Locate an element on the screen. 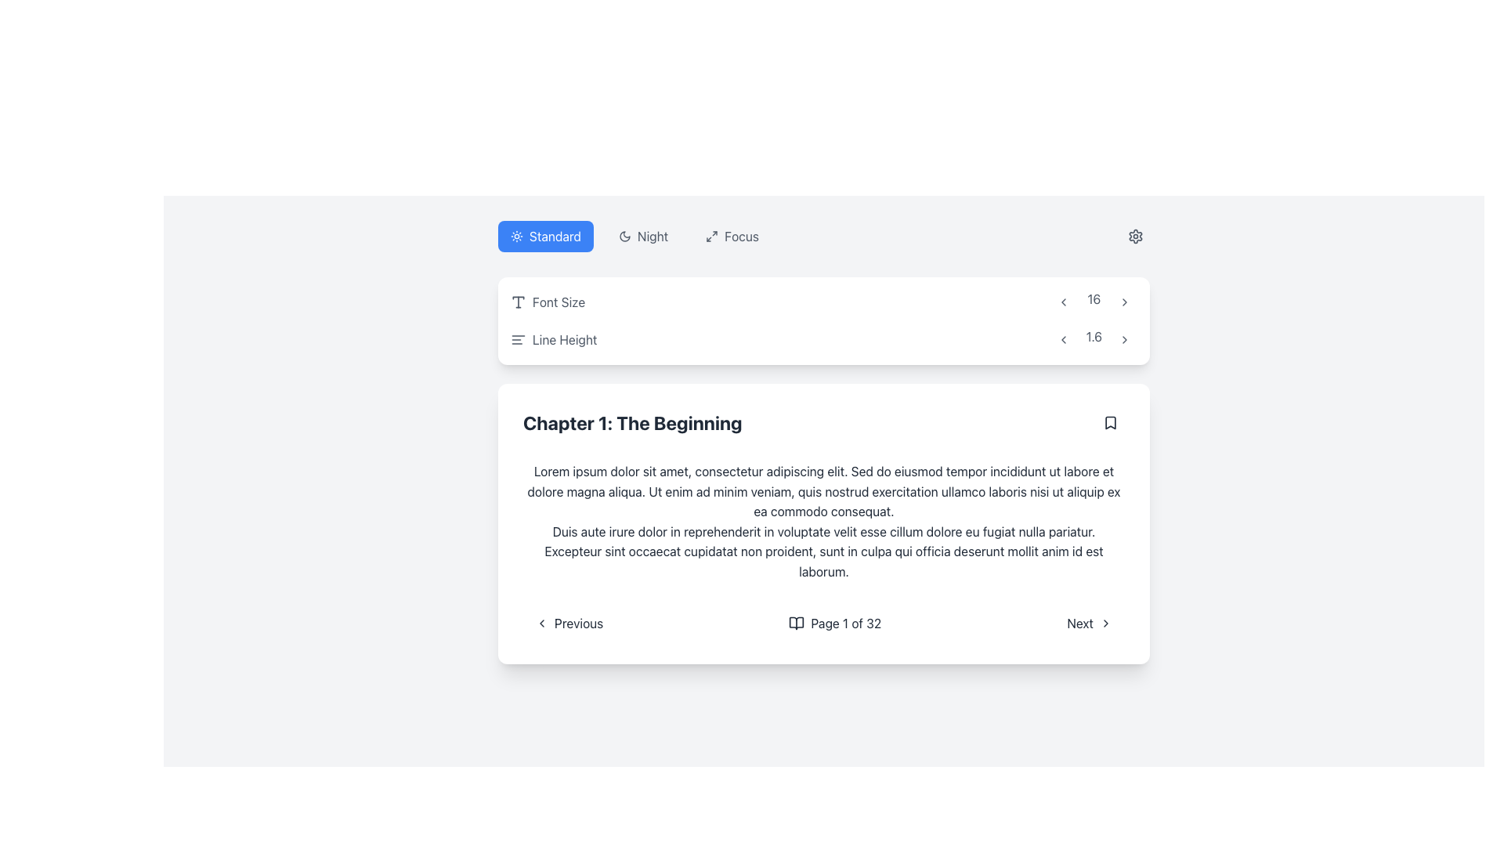 The width and height of the screenshot is (1504, 846). the gear icon in the top-right corner of the interface is located at coordinates (1135, 236).